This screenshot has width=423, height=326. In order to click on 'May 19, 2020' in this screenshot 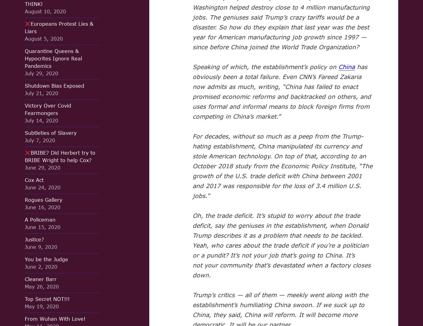, I will do `click(25, 306)`.